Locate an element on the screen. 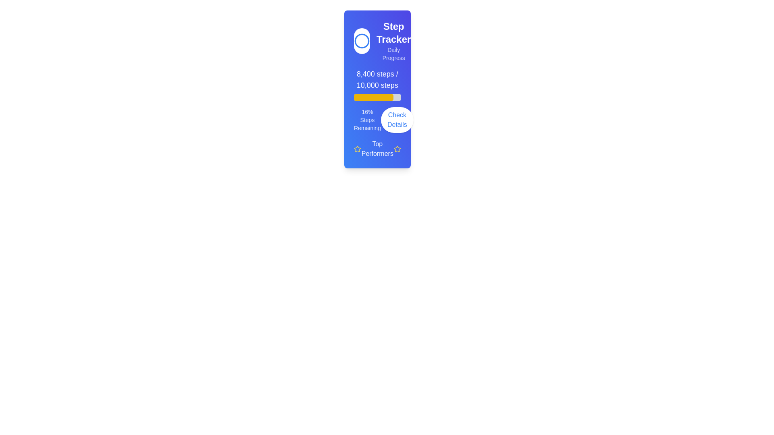 The width and height of the screenshot is (774, 435). the composite element that displays the remaining steps as a percentage and includes the 'Check Details' button is located at coordinates (377, 120).